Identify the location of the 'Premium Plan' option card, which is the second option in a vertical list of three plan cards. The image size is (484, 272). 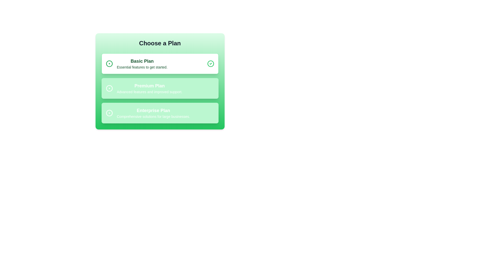
(160, 81).